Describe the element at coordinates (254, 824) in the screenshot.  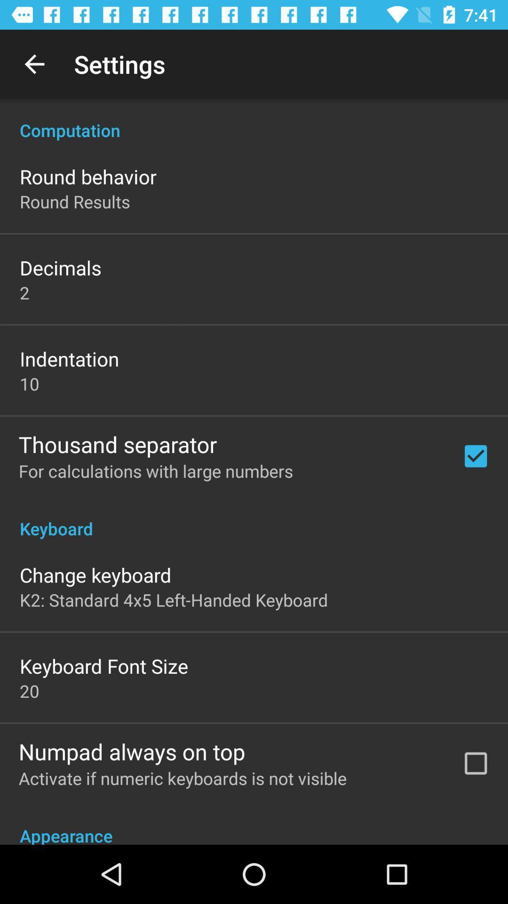
I see `the icon below activate if numeric` at that location.